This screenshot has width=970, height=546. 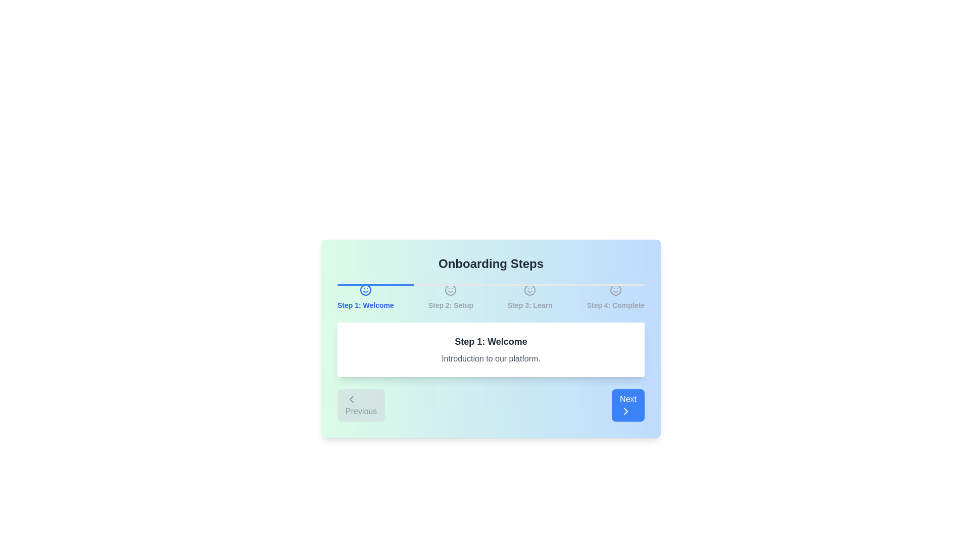 I want to click on the left-pointing chevron icon located within the 'Previous' button at the bottom left corner of the interface, adjacent to the text label 'Previous', so click(x=352, y=399).